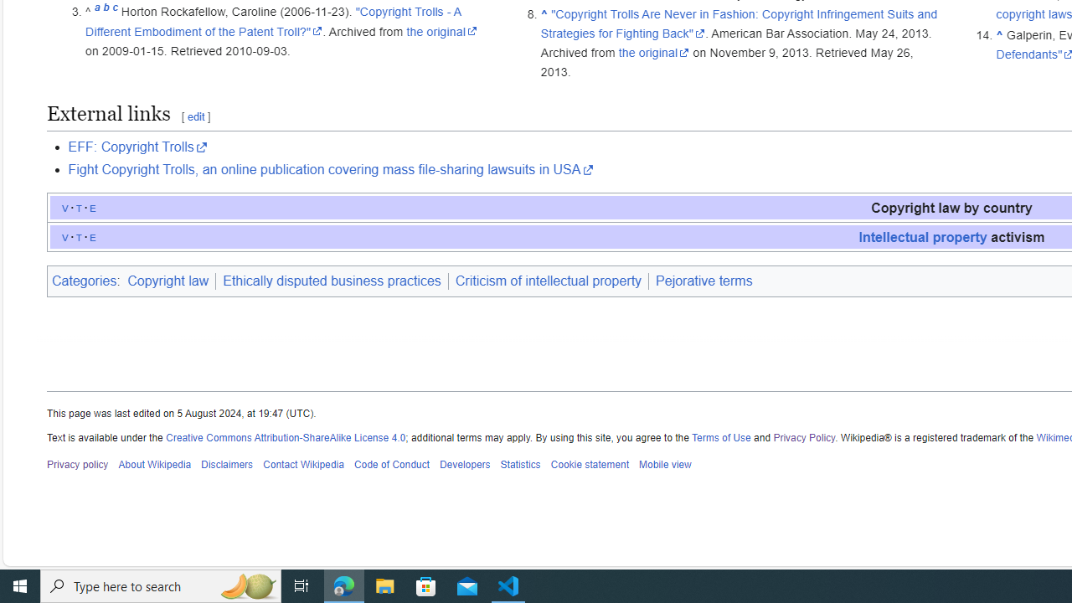 The height and width of the screenshot is (603, 1072). What do you see at coordinates (83, 280) in the screenshot?
I see `'Categories'` at bounding box center [83, 280].